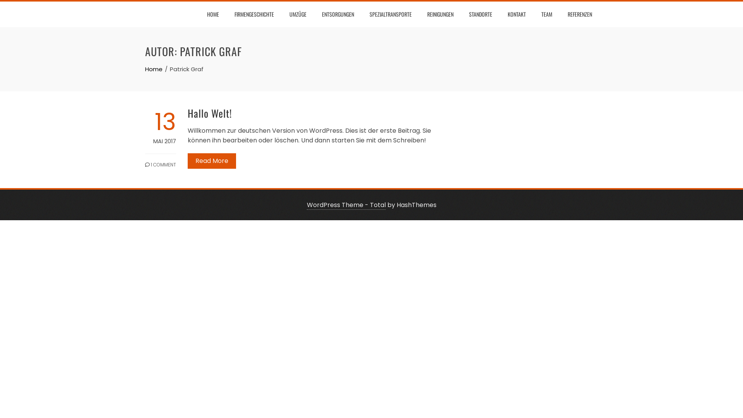  I want to click on 'HOME', so click(213, 14).